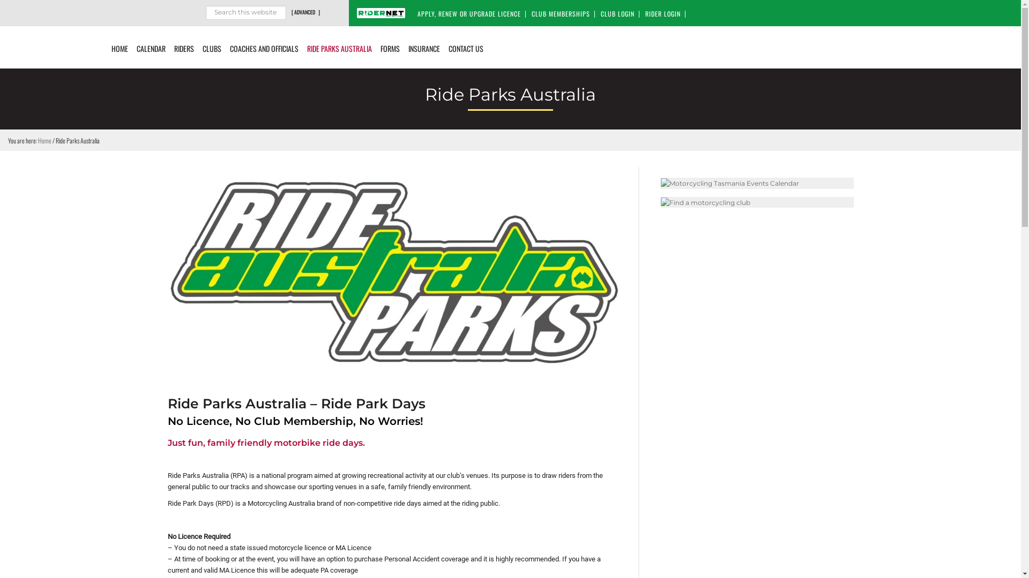 The width and height of the screenshot is (1029, 578). What do you see at coordinates (617, 13) in the screenshot?
I see `'CLUB LOGIN'` at bounding box center [617, 13].